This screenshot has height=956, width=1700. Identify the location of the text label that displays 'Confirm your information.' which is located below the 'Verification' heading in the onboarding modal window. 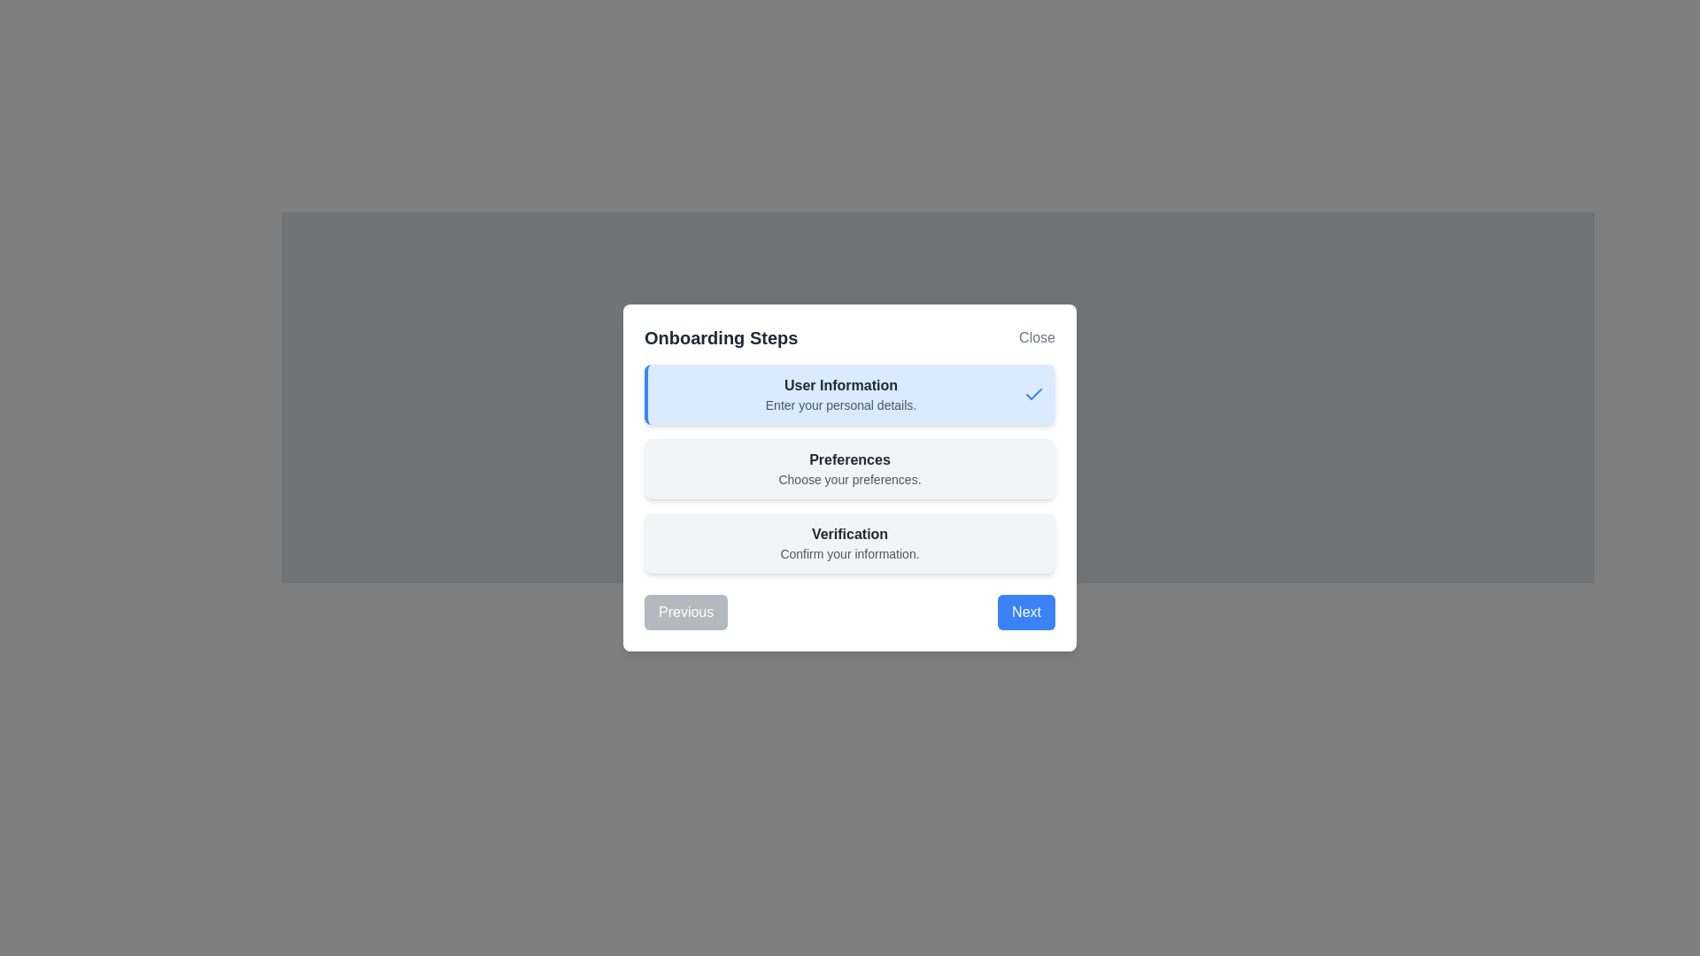
(850, 552).